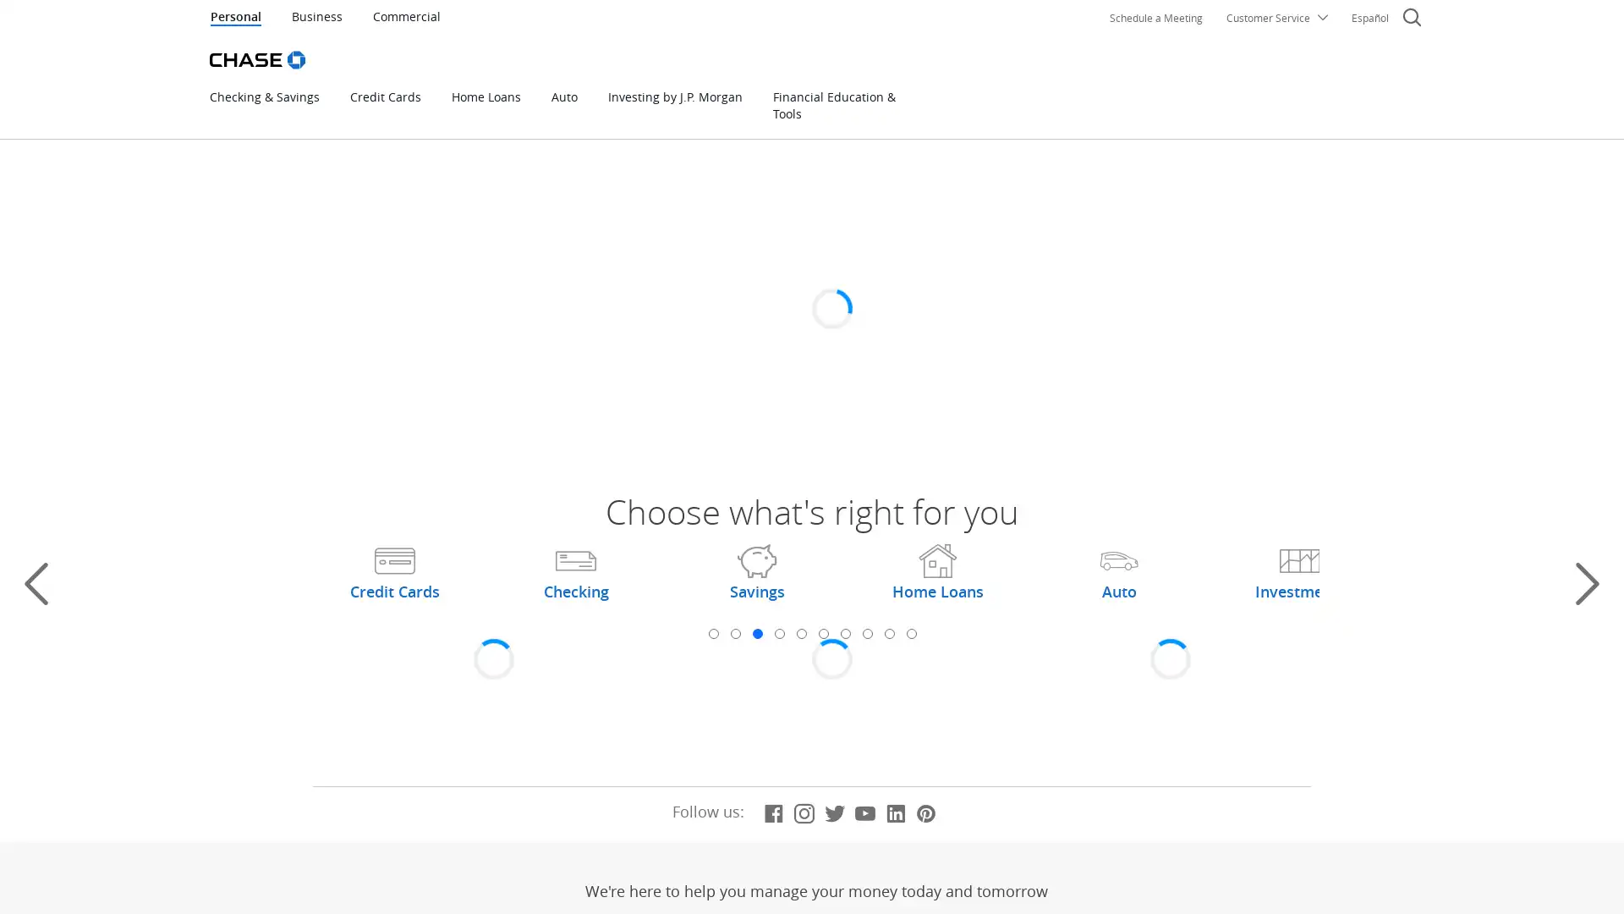  Describe the element at coordinates (867, 633) in the screenshot. I see `Slide 8 of 10` at that location.